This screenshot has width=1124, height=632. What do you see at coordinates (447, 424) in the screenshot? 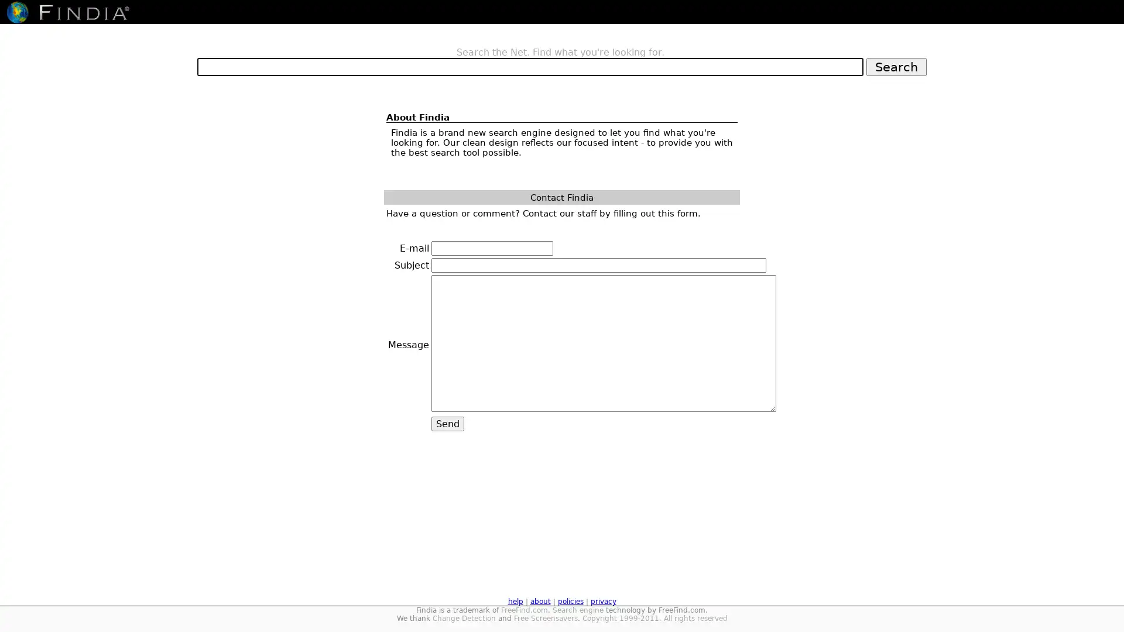
I see `Send` at bounding box center [447, 424].